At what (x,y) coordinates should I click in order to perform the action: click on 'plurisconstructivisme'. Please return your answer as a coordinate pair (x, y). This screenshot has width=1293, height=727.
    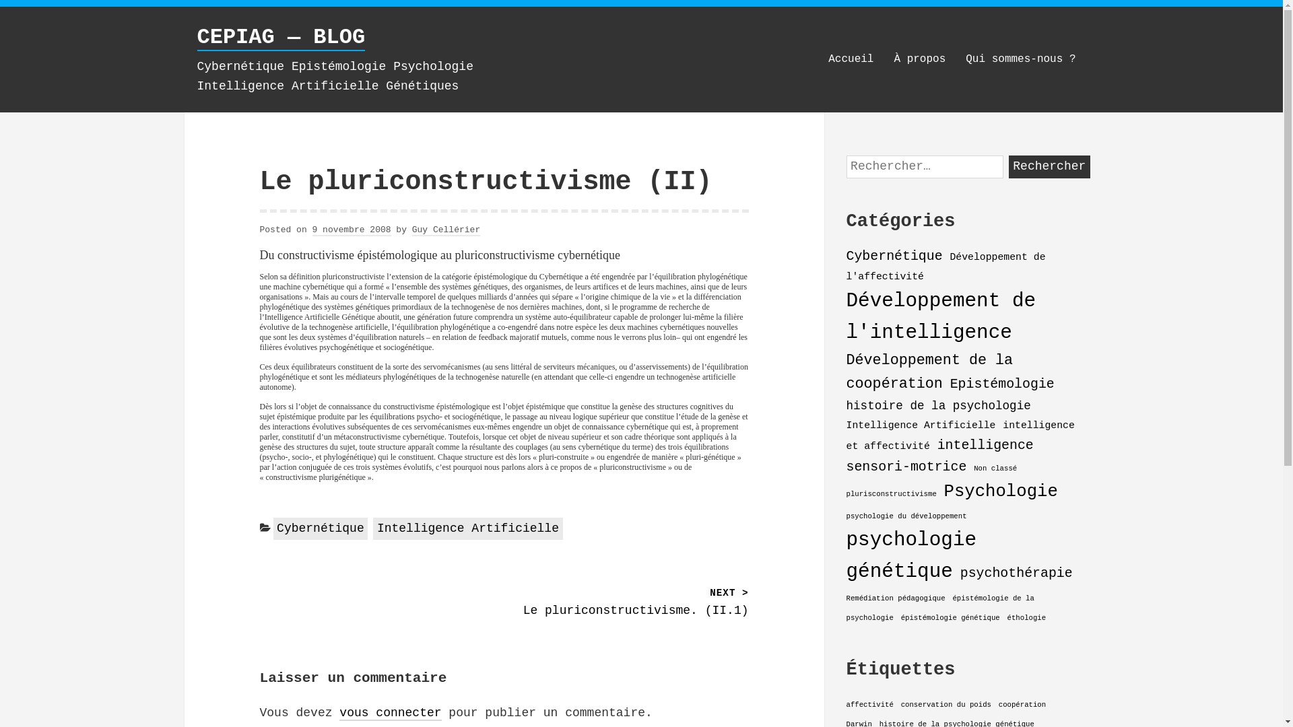
    Looking at the image, I should click on (891, 493).